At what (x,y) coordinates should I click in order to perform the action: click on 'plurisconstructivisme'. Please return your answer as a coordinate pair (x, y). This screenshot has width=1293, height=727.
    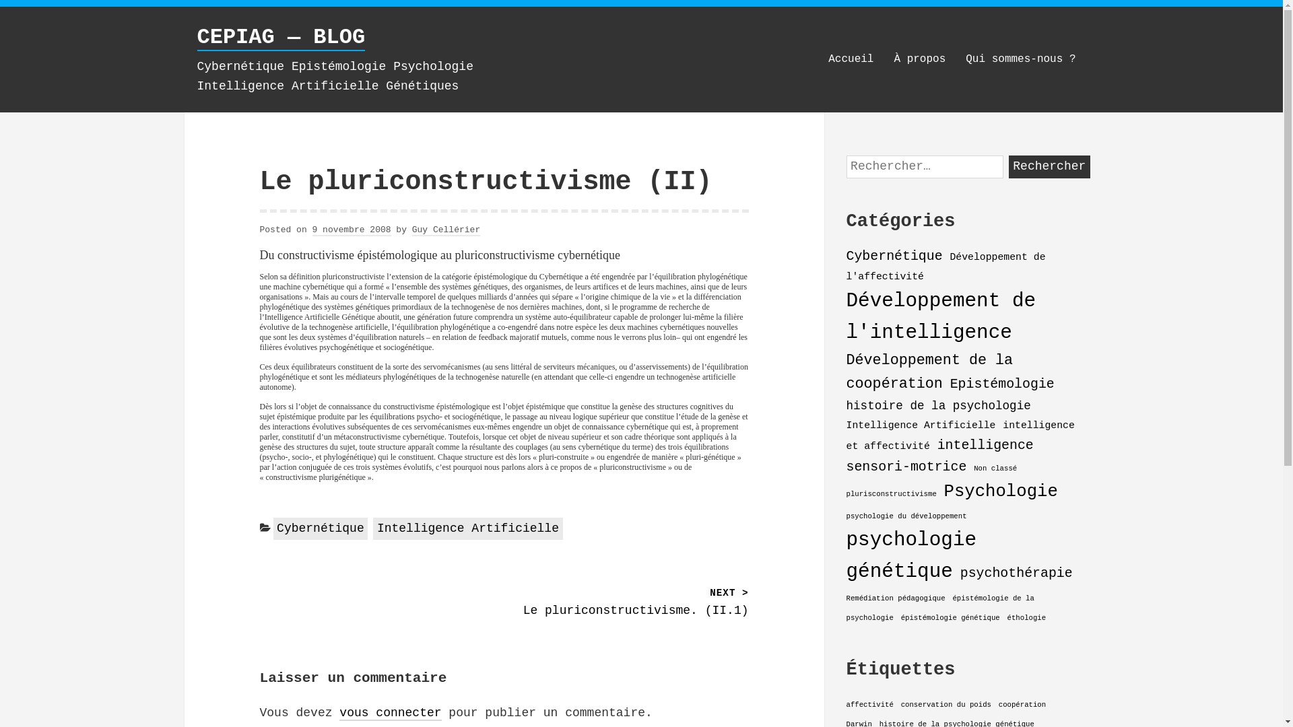
    Looking at the image, I should click on (891, 493).